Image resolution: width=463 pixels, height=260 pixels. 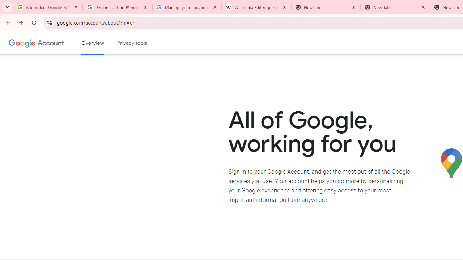 I want to click on 'Google Account', so click(x=50, y=43).